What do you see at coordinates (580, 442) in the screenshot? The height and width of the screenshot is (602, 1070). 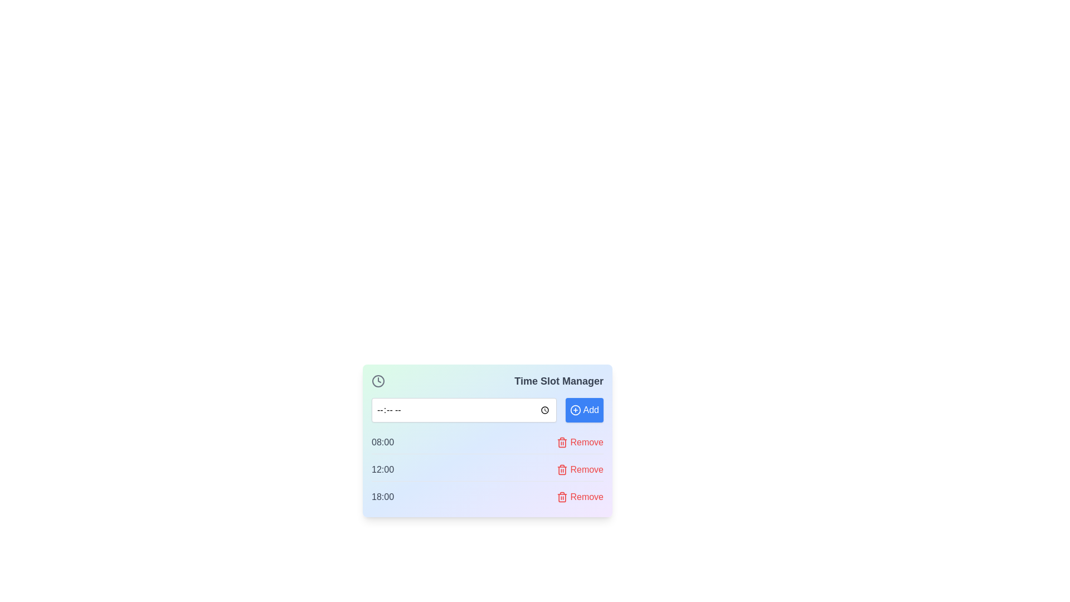 I see `the 'Remove' interactive button with a trashcan icon` at bounding box center [580, 442].